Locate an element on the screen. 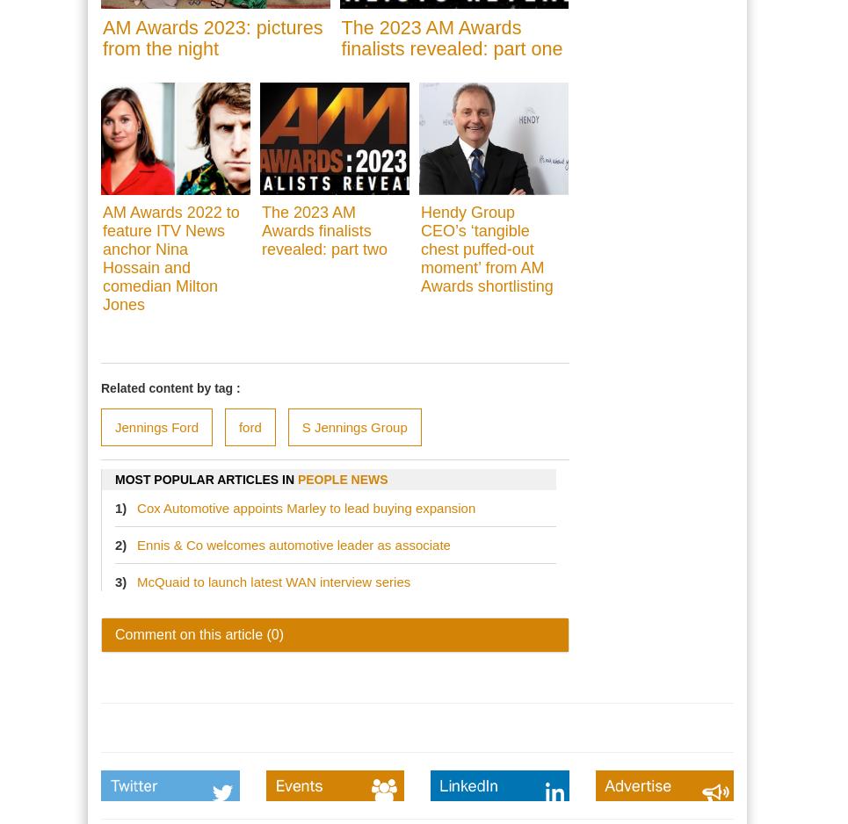  'McQuaid to launch latest WAN interview series' is located at coordinates (272, 581).